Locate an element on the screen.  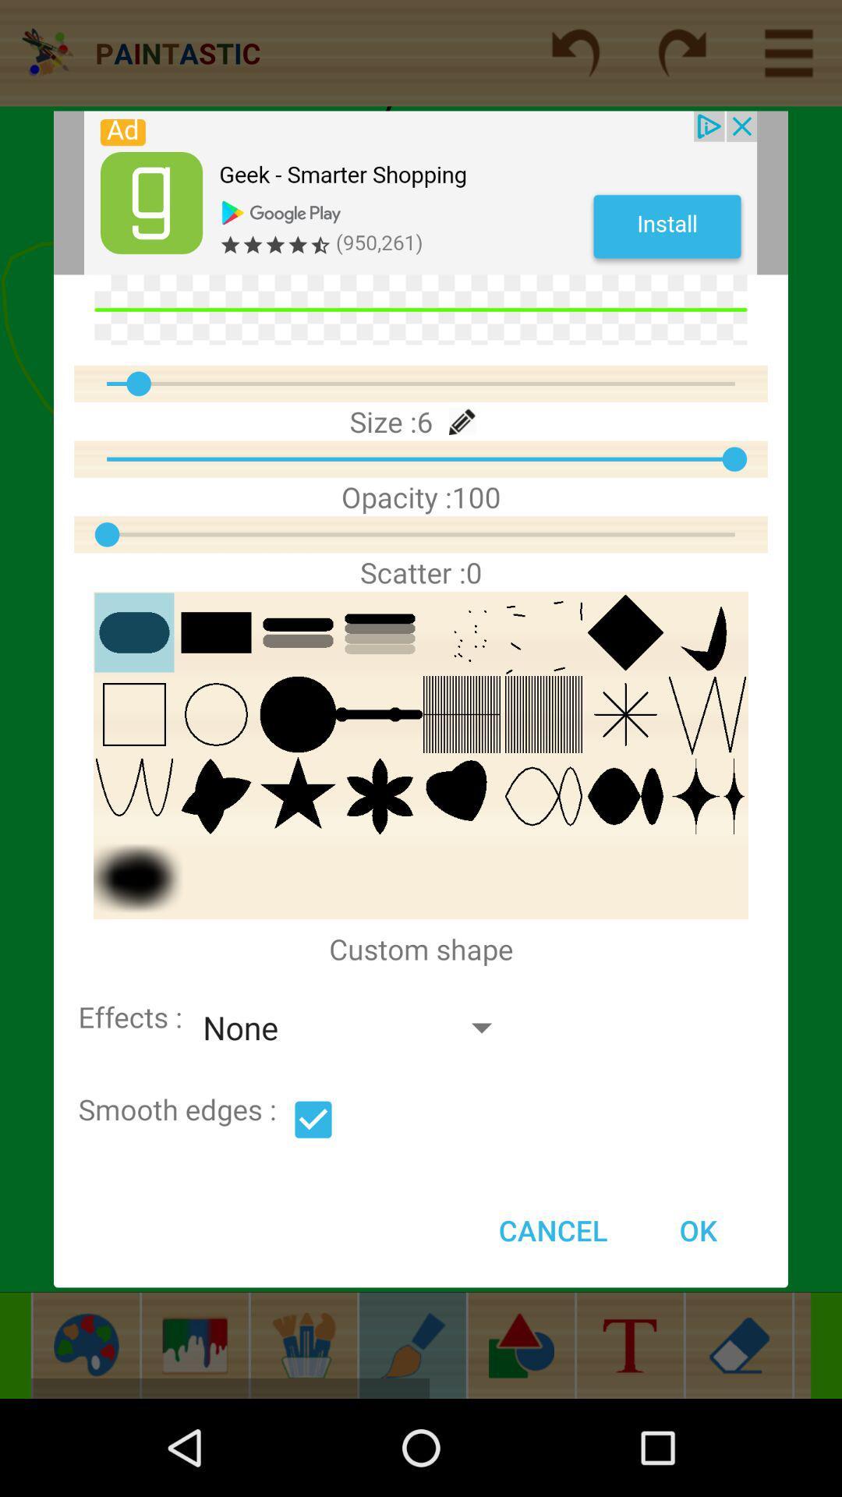
option is located at coordinates (313, 1119).